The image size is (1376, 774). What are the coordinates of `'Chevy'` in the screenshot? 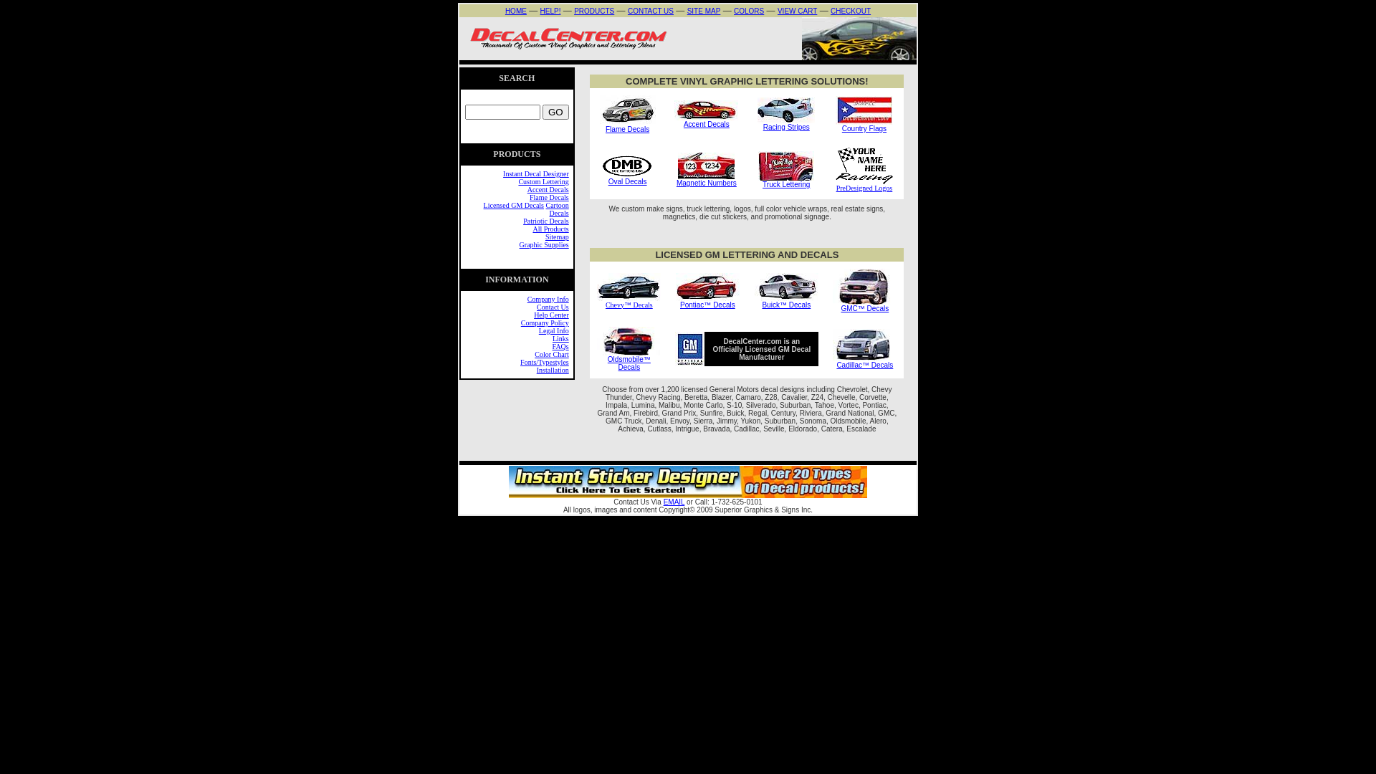 It's located at (605, 304).